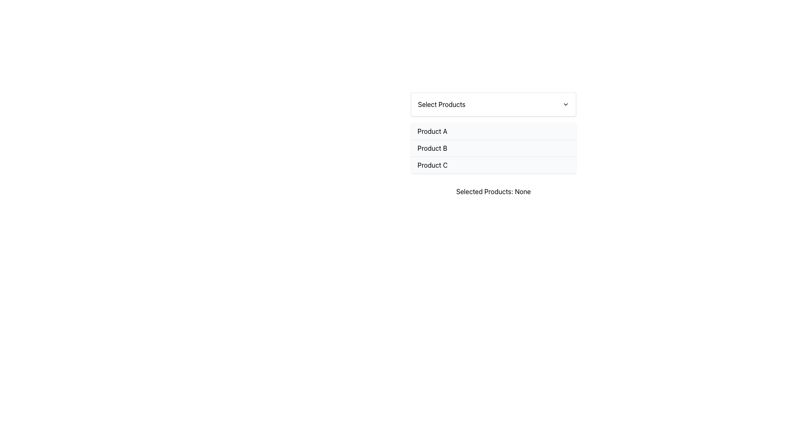  I want to click on the selectable dropdown list item labeled 'Product B', so click(494, 144).